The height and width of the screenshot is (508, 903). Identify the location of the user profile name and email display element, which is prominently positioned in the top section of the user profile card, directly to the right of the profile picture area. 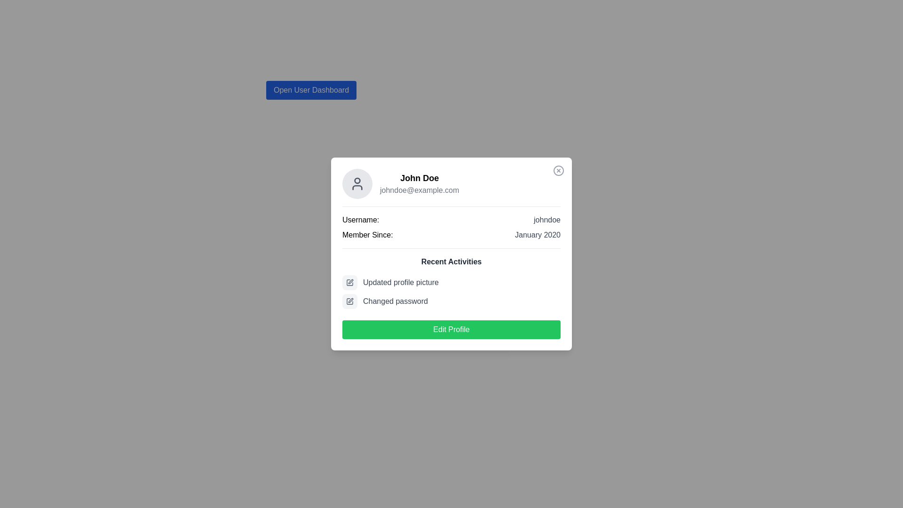
(419, 183).